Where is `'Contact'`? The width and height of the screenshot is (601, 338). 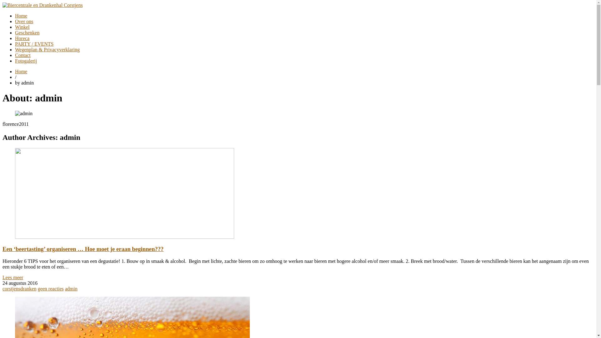 'Contact' is located at coordinates (23, 55).